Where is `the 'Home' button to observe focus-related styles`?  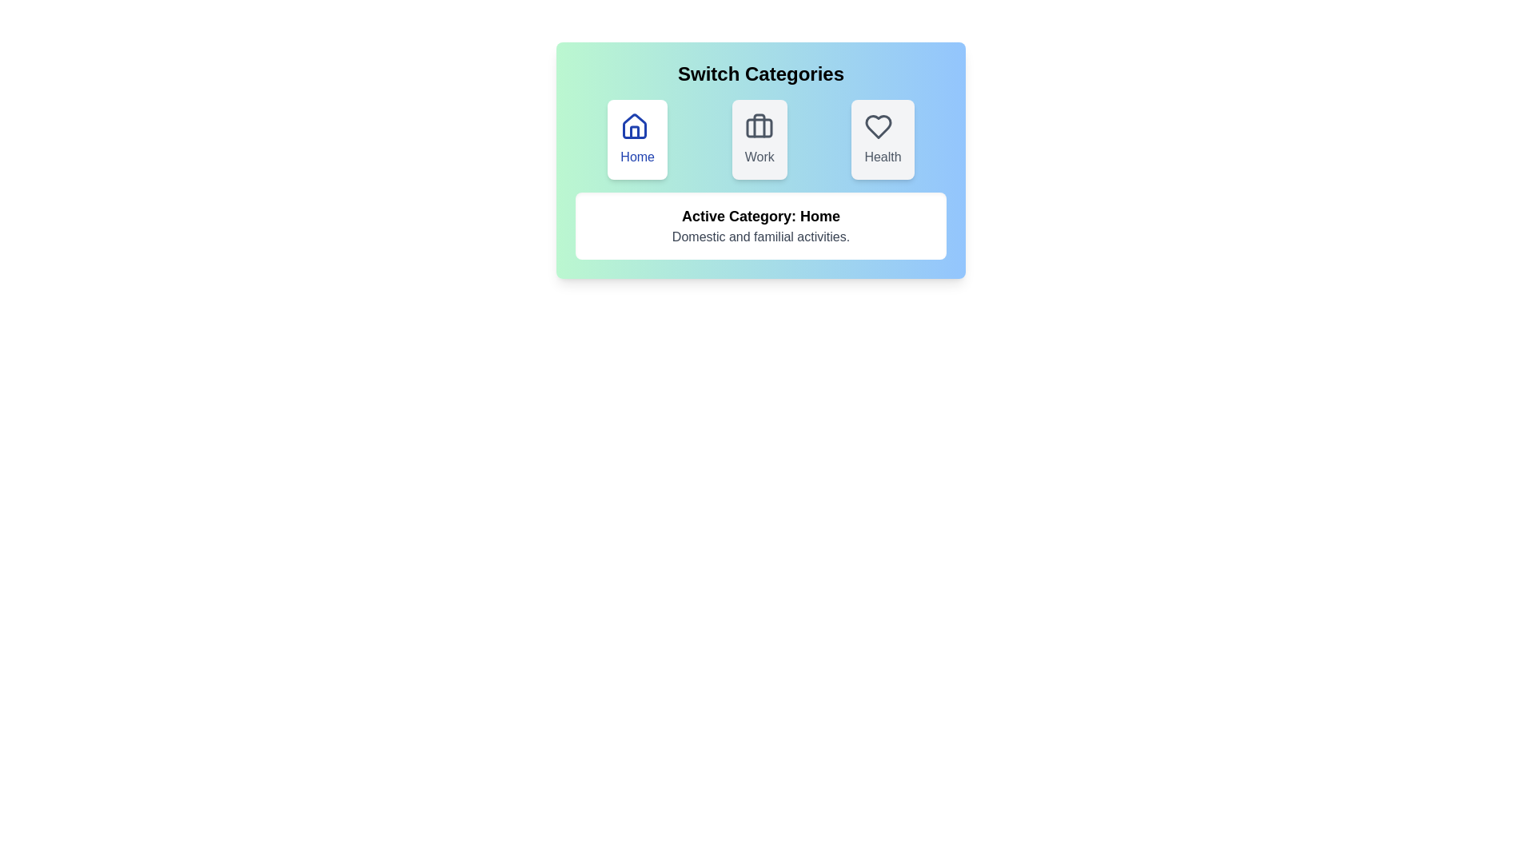
the 'Home' button to observe focus-related styles is located at coordinates (636, 138).